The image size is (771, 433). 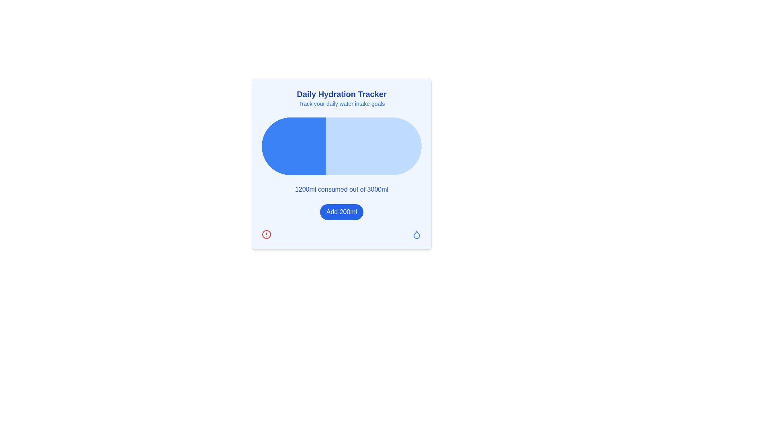 What do you see at coordinates (341, 103) in the screenshot?
I see `the text element that reads 'Track your daily water intake goals', which is styled in a small font size and bright blue color, located beneath the title 'Daily Hydration Tracker'` at bounding box center [341, 103].